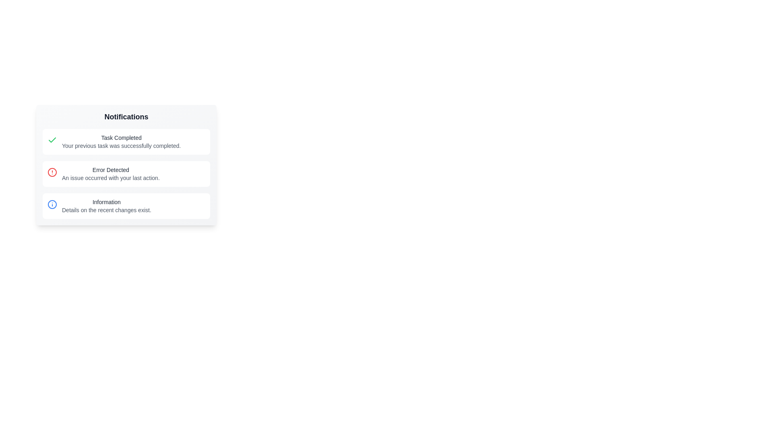 The height and width of the screenshot is (434, 773). What do you see at coordinates (121, 141) in the screenshot?
I see `the notification label that indicates 'Task Completed' with a green check icon, which is positioned below the 'Notifications' header` at bounding box center [121, 141].